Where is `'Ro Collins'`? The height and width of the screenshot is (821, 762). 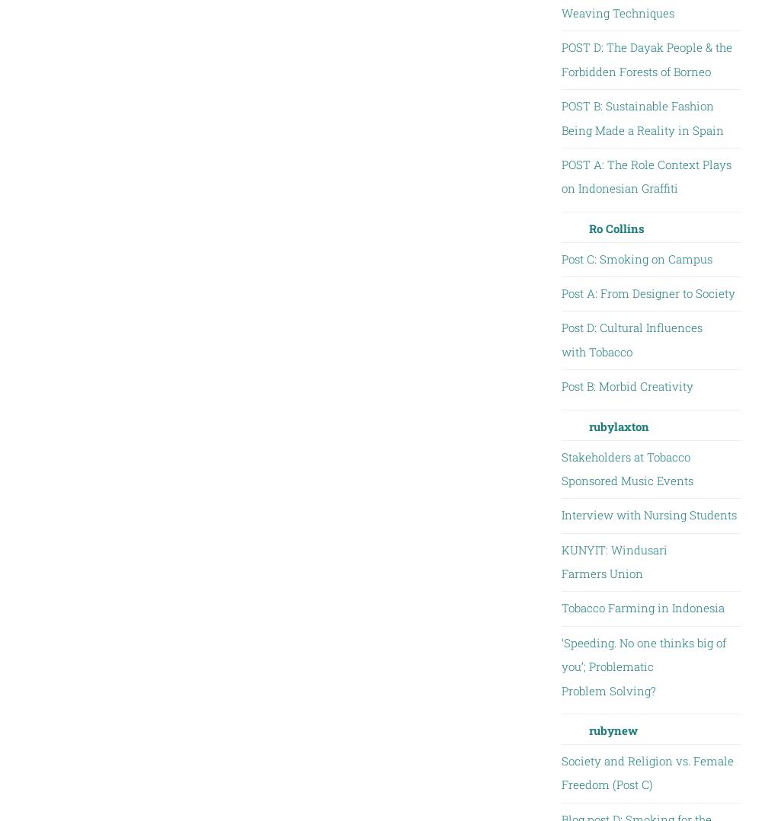 'Ro Collins' is located at coordinates (616, 228).